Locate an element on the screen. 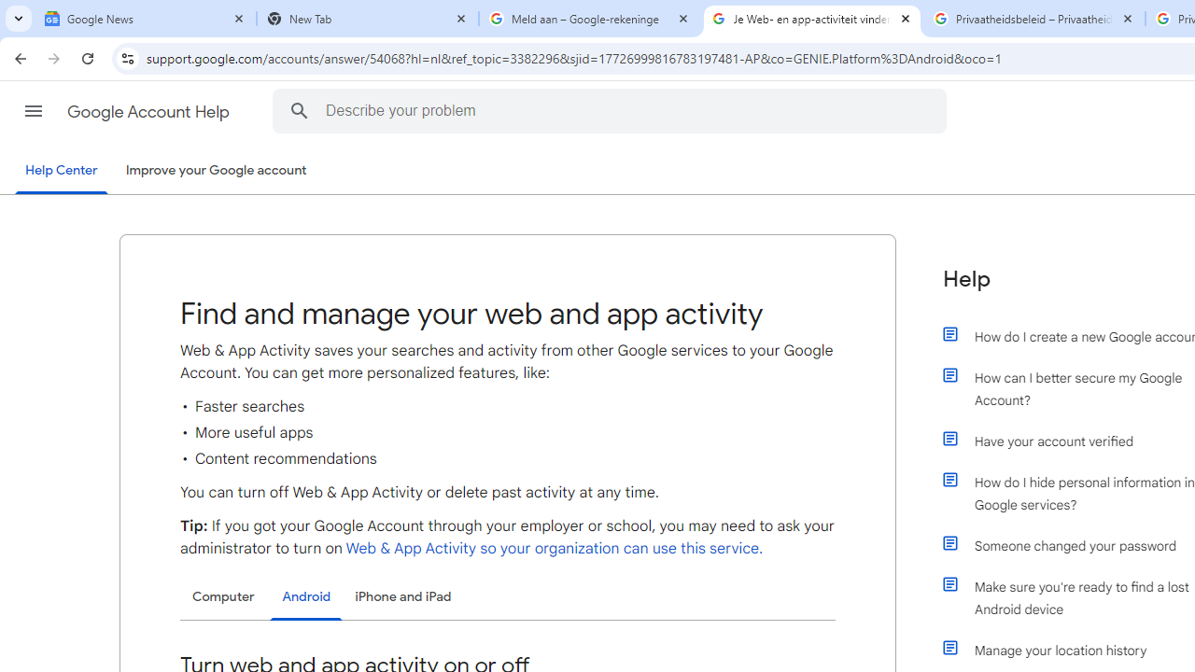 The height and width of the screenshot is (672, 1195). 'Describe your problem' is located at coordinates (612, 110).